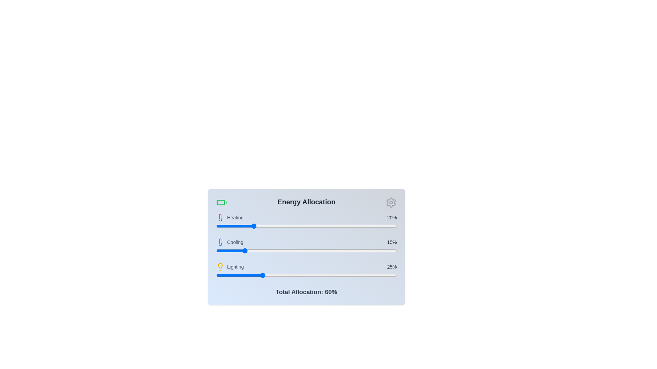 This screenshot has width=657, height=369. Describe the element at coordinates (221, 202) in the screenshot. I see `the battery icon in the header` at that location.